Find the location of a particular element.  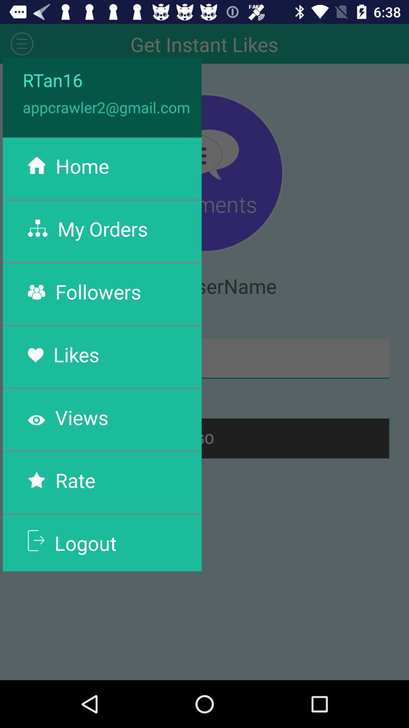

views is located at coordinates (82, 417).